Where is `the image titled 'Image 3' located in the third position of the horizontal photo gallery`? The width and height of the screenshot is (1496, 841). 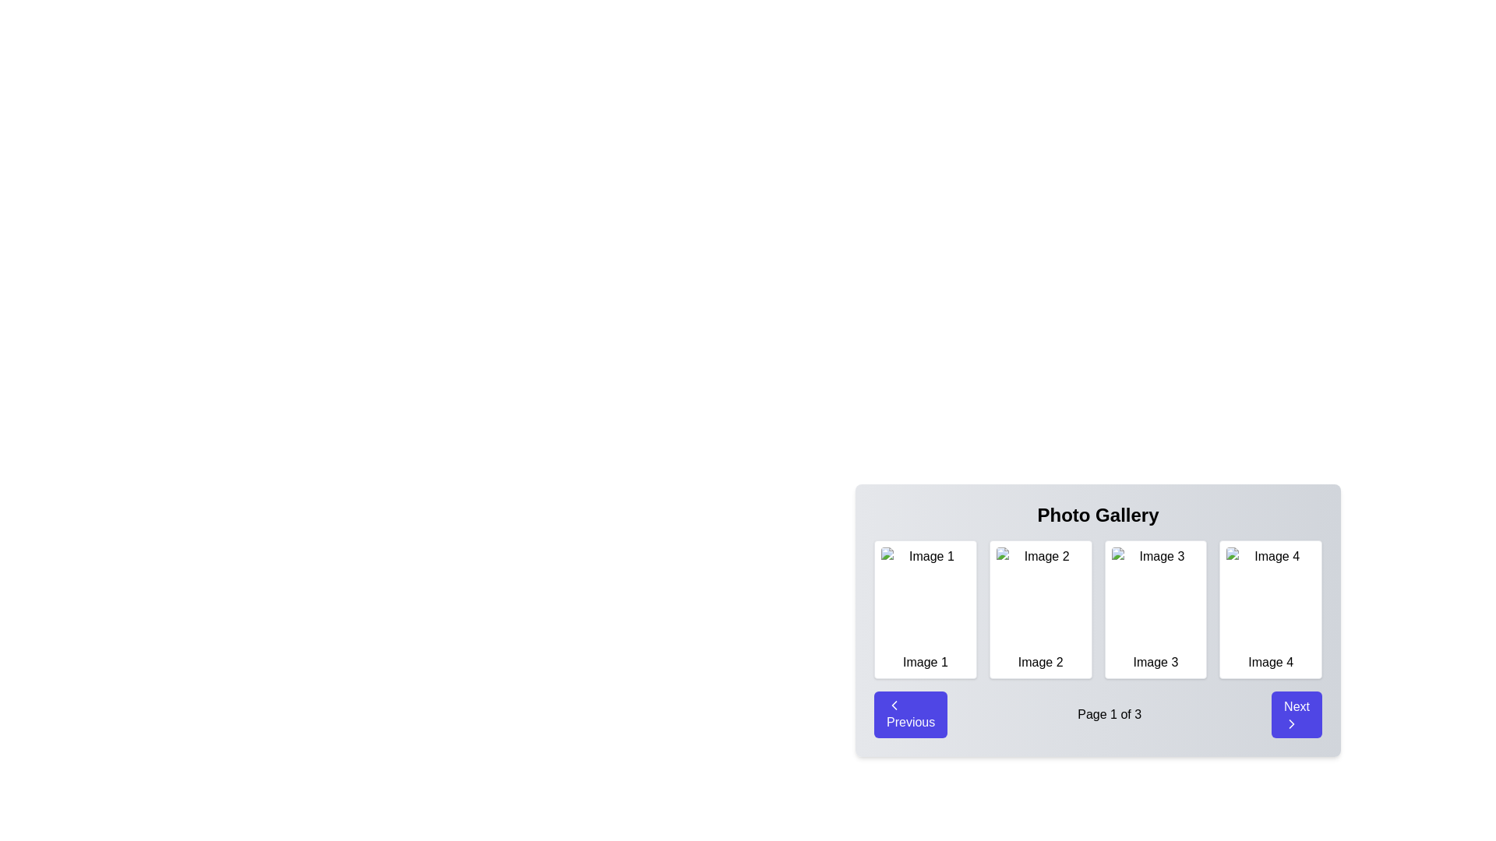 the image titled 'Image 3' located in the third position of the horizontal photo gallery is located at coordinates (1156, 596).